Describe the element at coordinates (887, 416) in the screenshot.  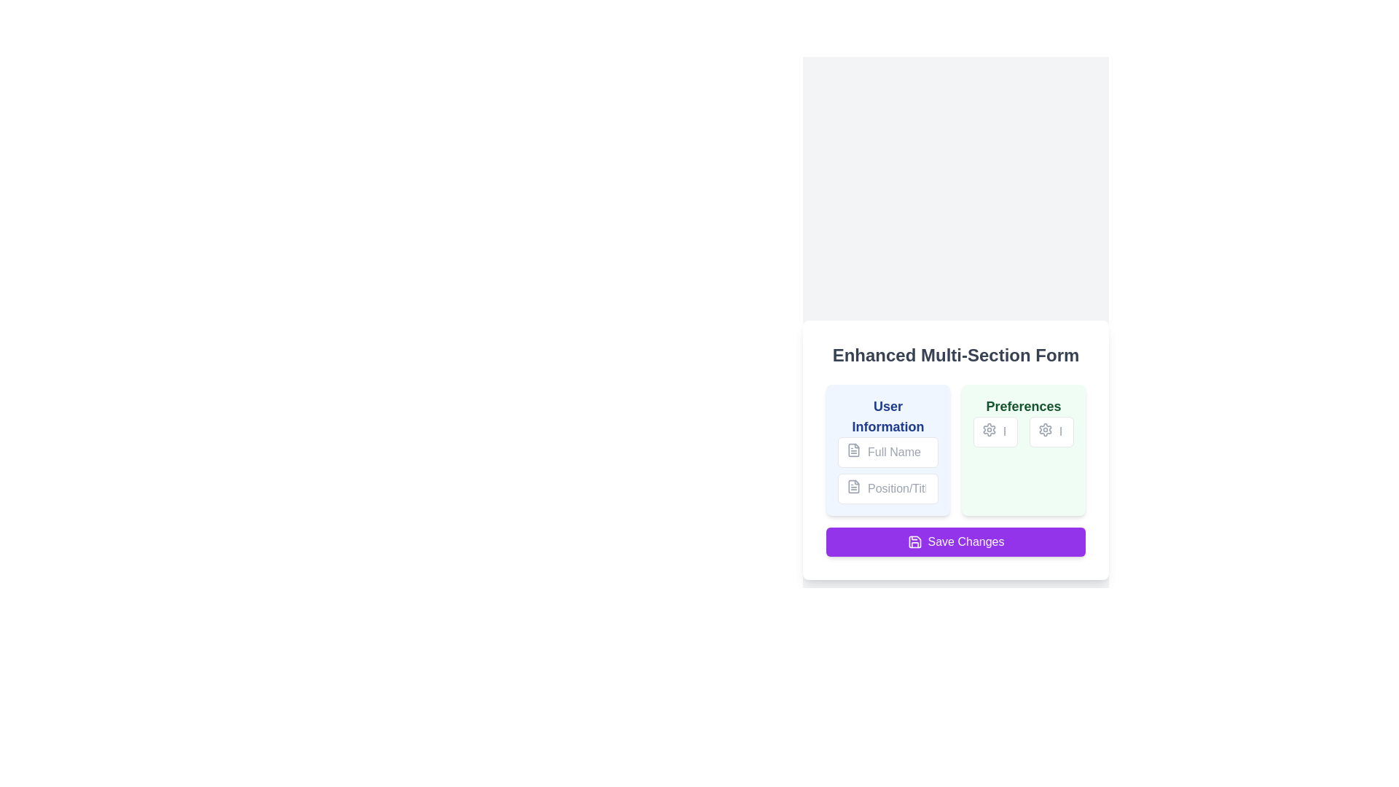
I see `the 'User Information' text label, which serves as the title for the section, located at the top of the left card in a two-column layout` at that location.